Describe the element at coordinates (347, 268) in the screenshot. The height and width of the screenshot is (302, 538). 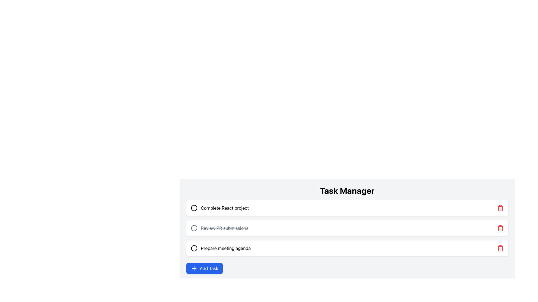
I see `the button located at the bottom of the 'Task Manager' section, directly below the last task entry 'Prepare meeting agenda'` at that location.